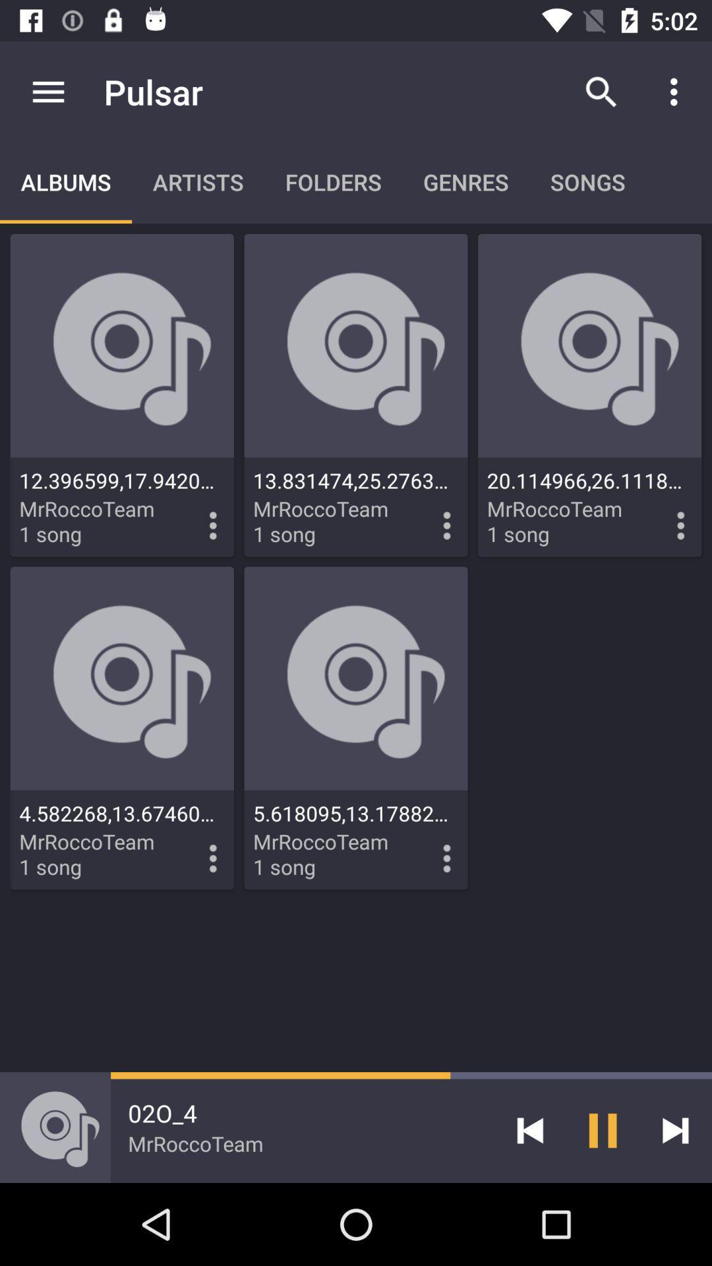  What do you see at coordinates (529, 1130) in the screenshot?
I see `the icon to the right of the 02o_4 item` at bounding box center [529, 1130].